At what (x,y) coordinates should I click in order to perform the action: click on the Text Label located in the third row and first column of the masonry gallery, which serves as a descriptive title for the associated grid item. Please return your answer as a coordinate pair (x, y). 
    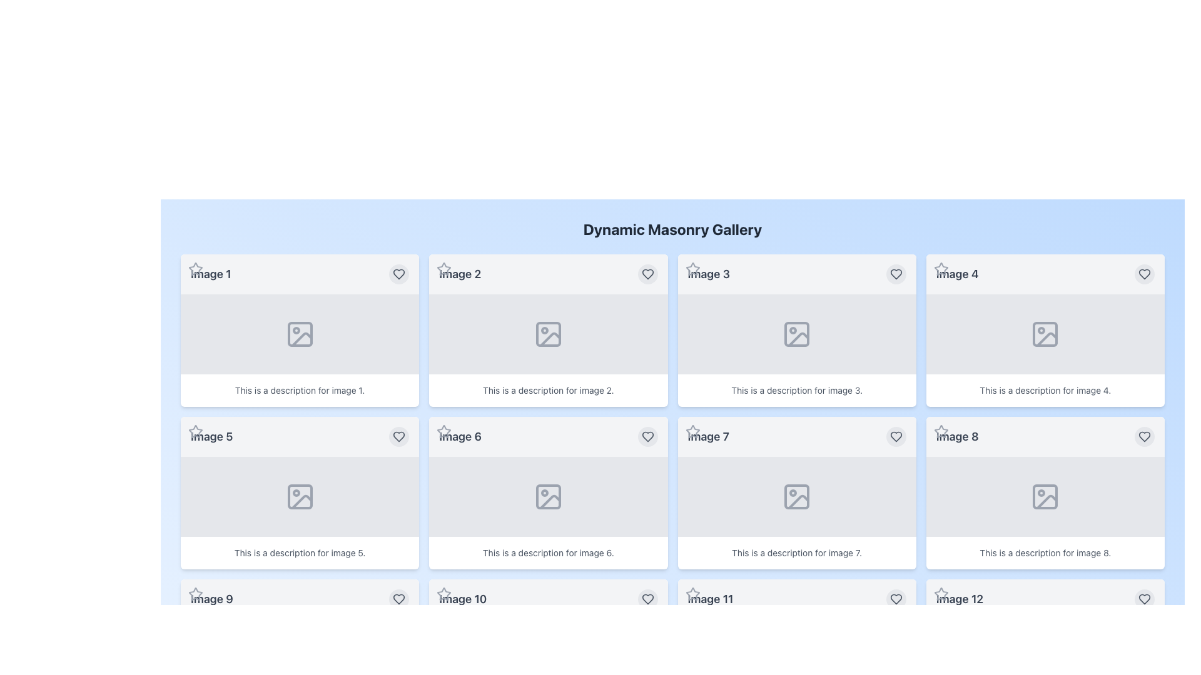
    Looking at the image, I should click on (211, 599).